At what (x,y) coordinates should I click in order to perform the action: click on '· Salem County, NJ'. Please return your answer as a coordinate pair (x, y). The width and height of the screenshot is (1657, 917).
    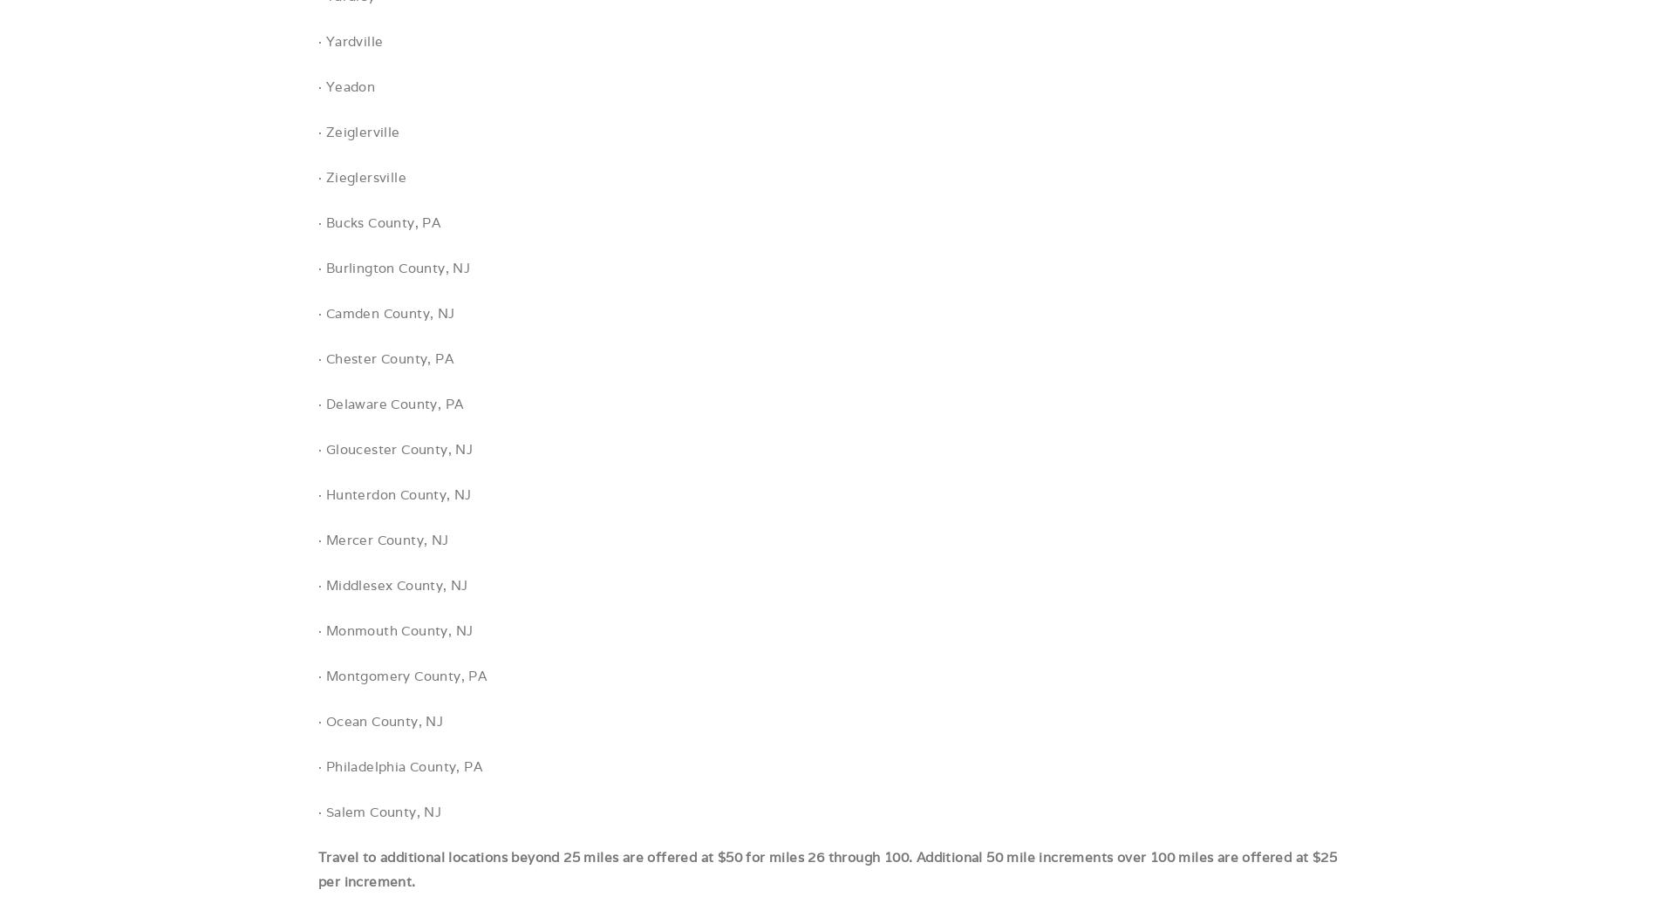
    Looking at the image, I should click on (378, 811).